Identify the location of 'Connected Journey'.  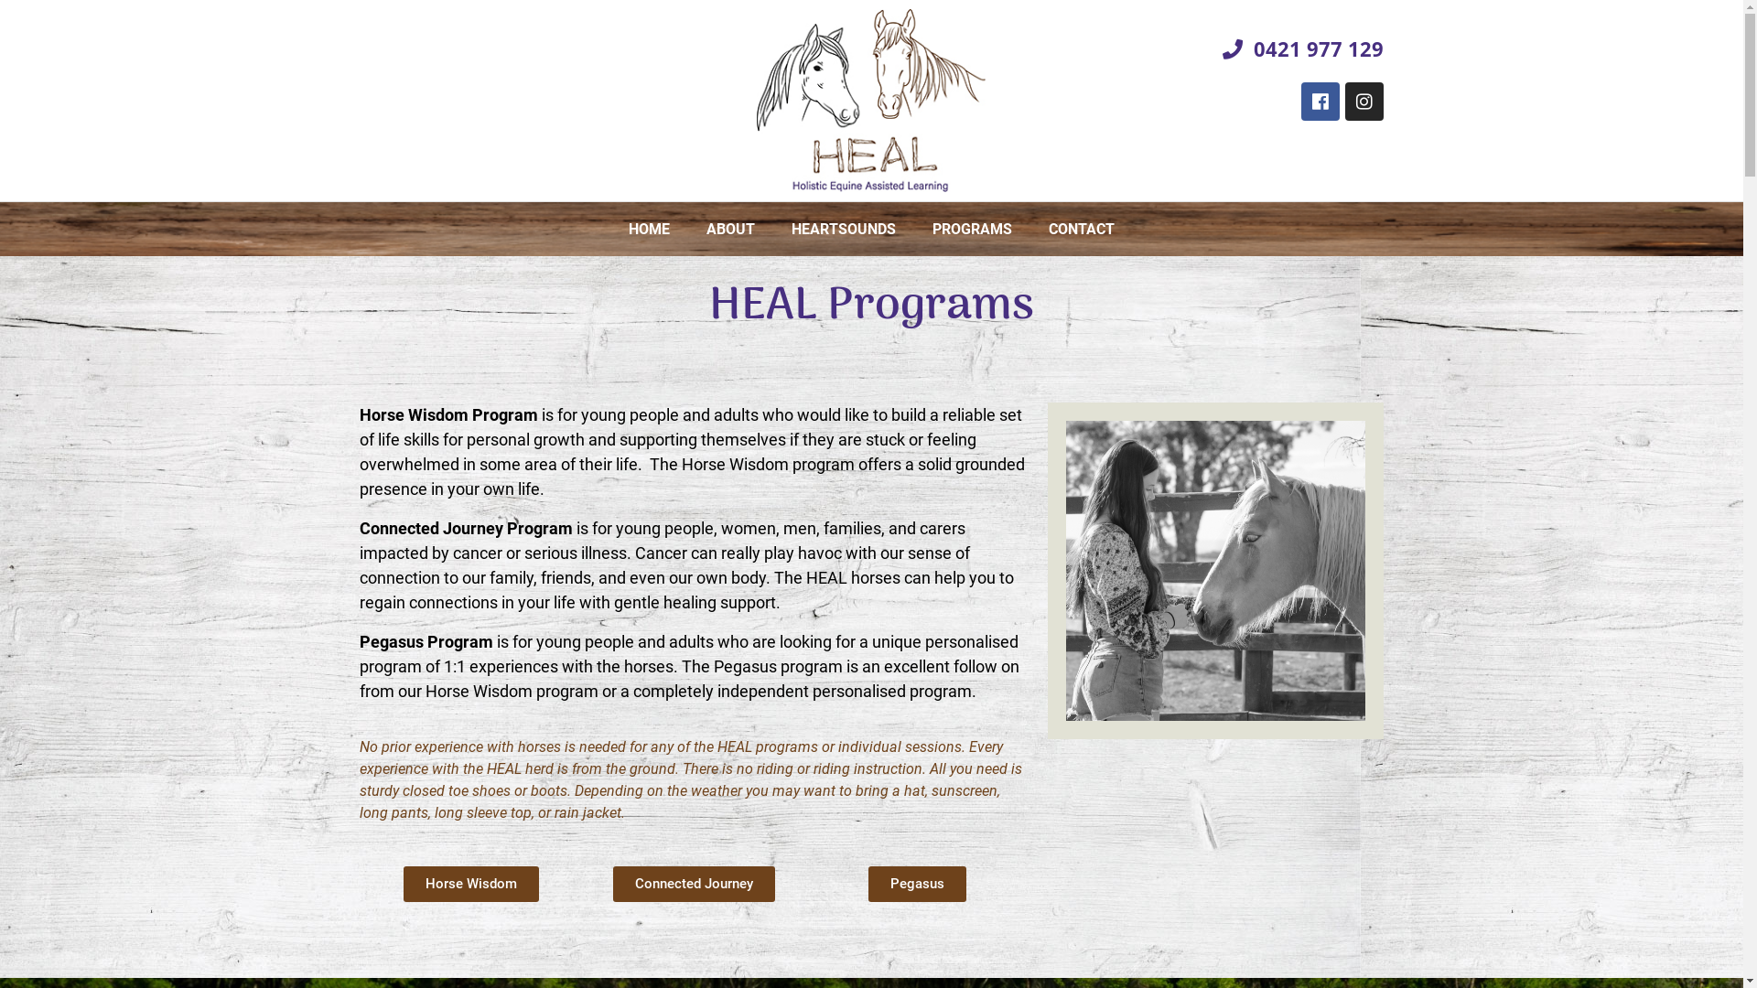
(693, 883).